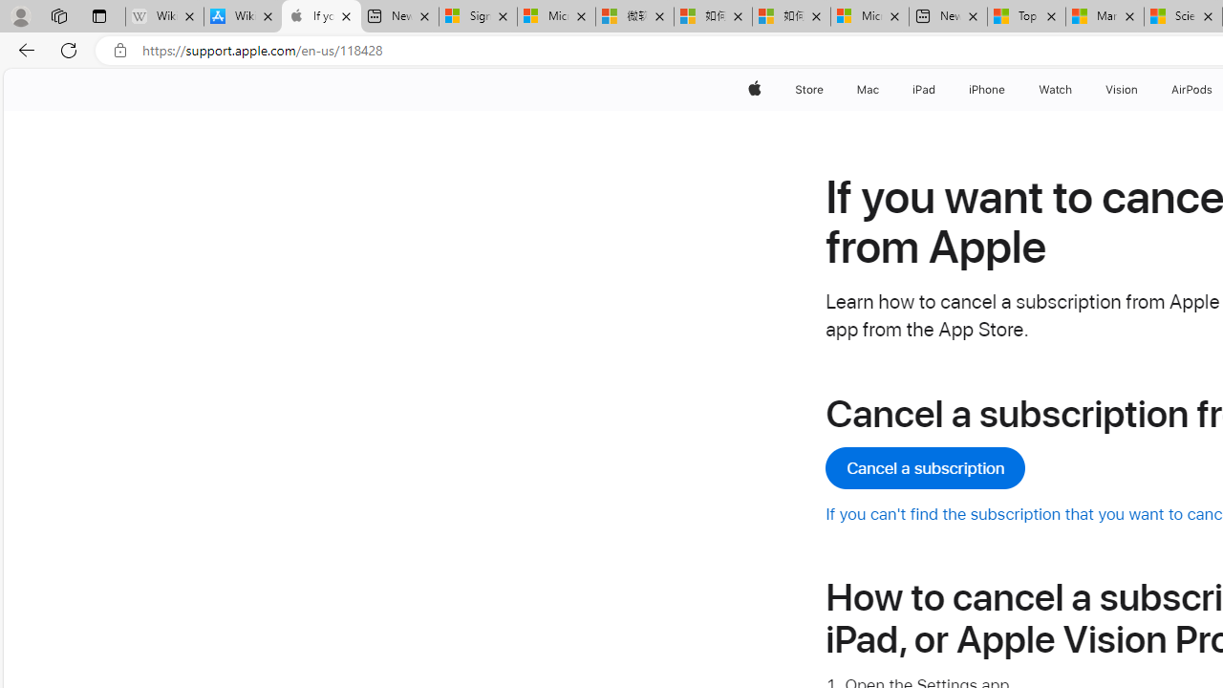 This screenshot has width=1223, height=688. I want to click on 'iPhone menu', so click(1008, 89).